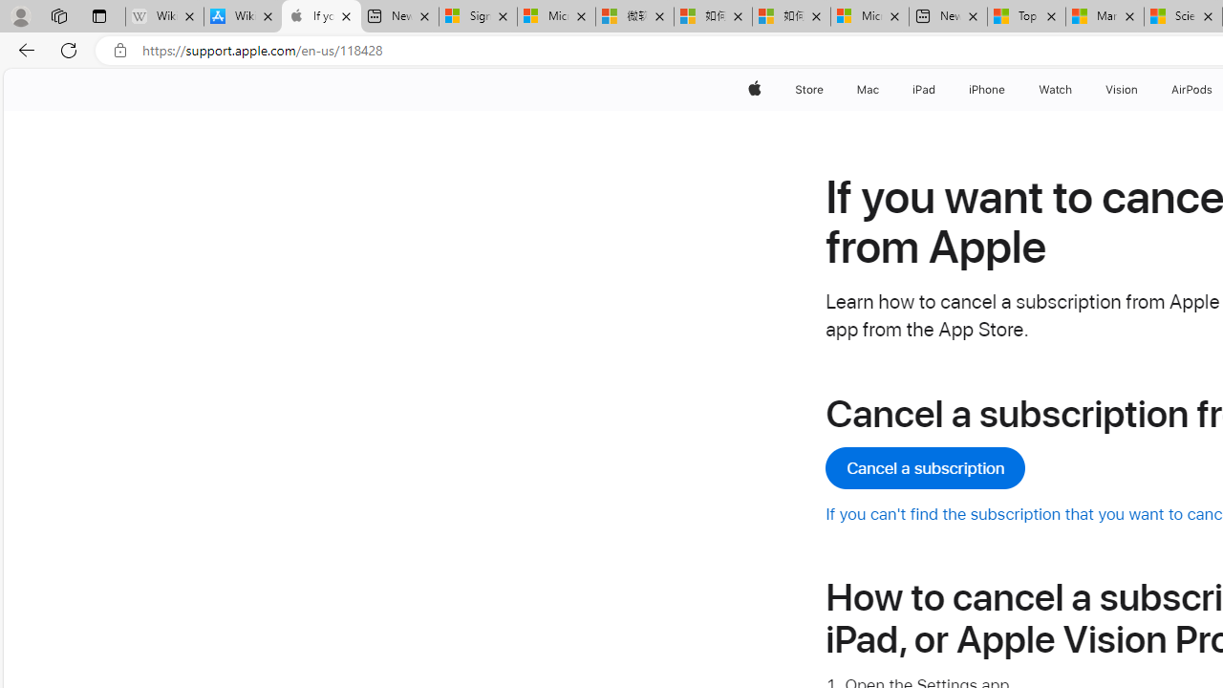 This screenshot has width=1223, height=688. I want to click on 'iPhone menu', so click(1008, 89).